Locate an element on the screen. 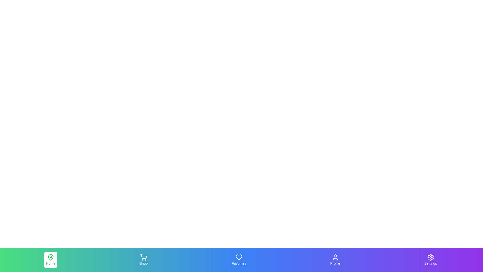  the tab icon for Shop for visual inspection is located at coordinates (143, 260).